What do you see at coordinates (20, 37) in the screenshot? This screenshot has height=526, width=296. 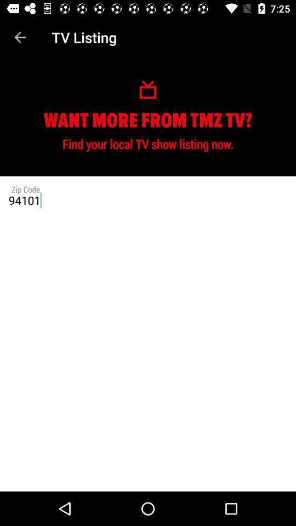 I see `the item above the zip code` at bounding box center [20, 37].